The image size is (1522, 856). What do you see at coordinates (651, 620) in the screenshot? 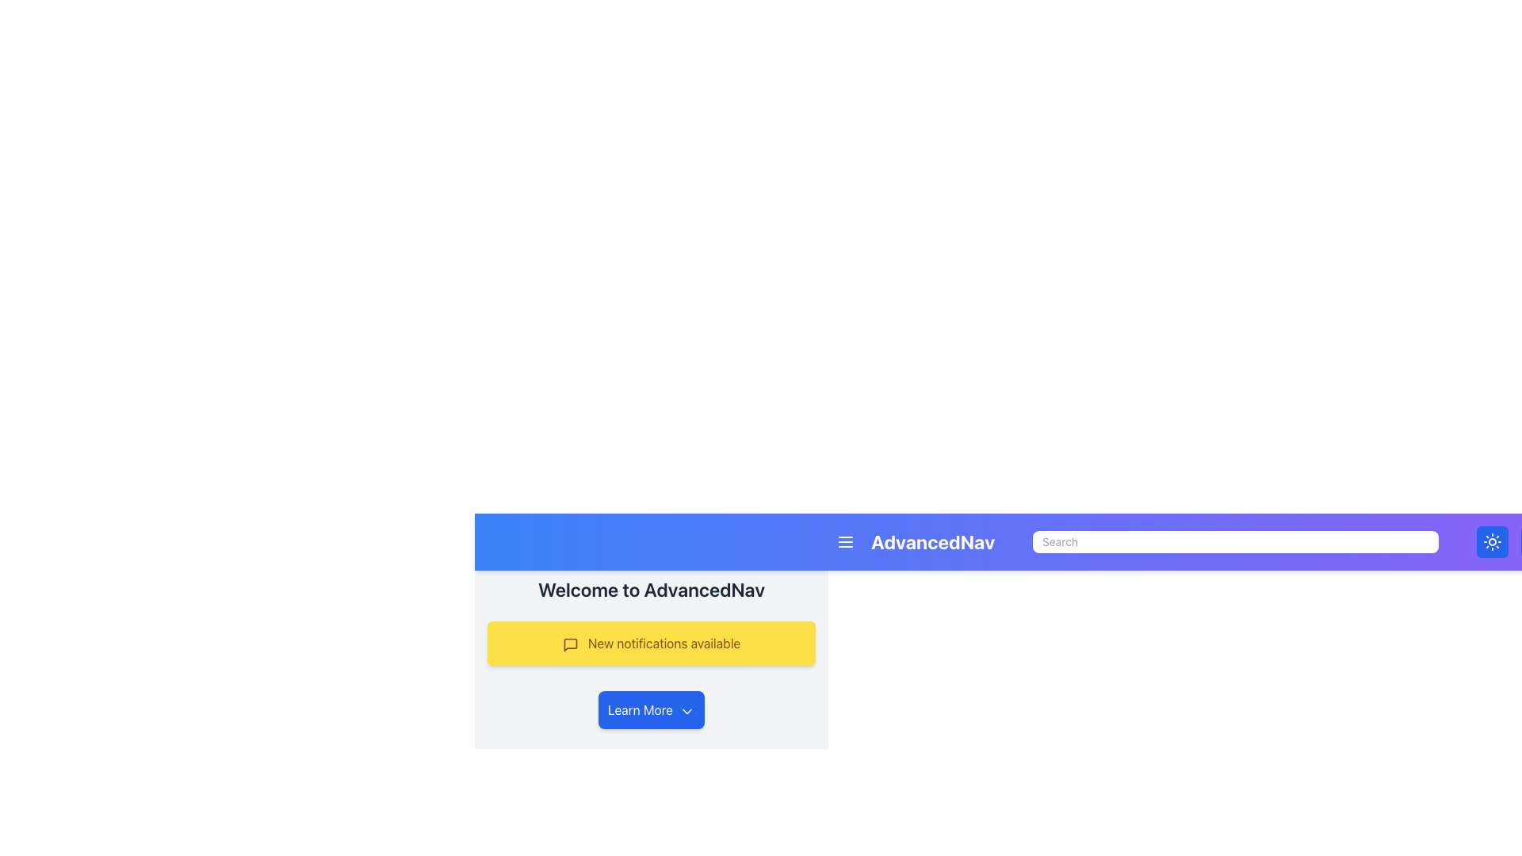
I see `the Notification Banner element, which is a yellow rectangle with the text 'New notifications available' and a speech bubble icon, located below the heading 'Welcome to AdvancedNav'` at bounding box center [651, 620].